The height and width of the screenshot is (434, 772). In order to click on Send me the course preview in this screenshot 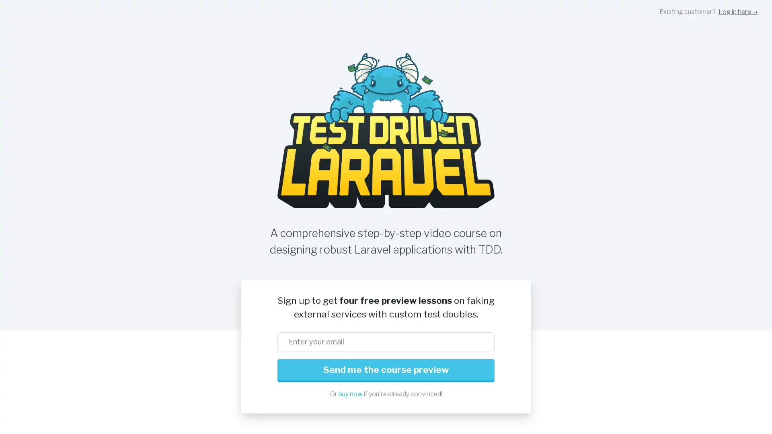, I will do `click(386, 371)`.